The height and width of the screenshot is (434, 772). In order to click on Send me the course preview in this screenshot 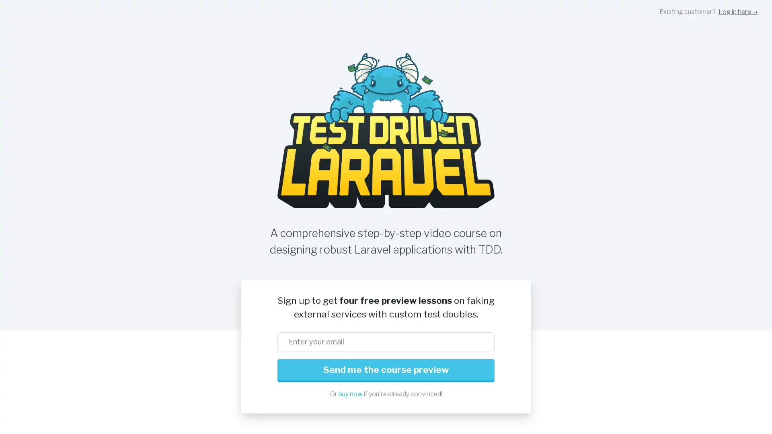, I will do `click(386, 371)`.